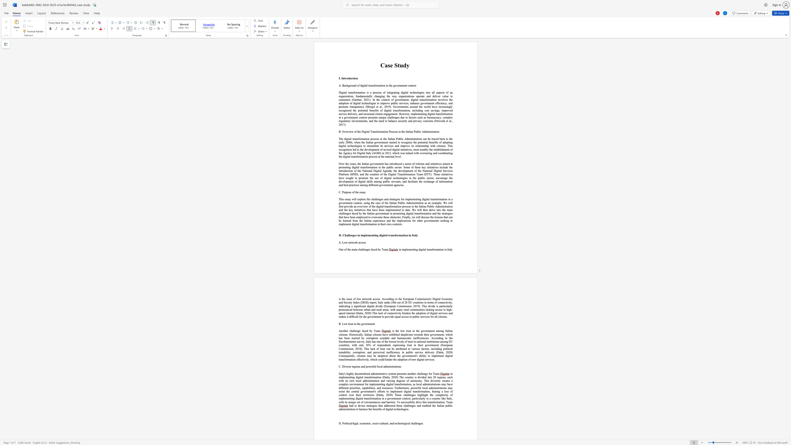 The height and width of the screenshot is (445, 791). What do you see at coordinates (392, 181) in the screenshot?
I see `the 1th character "s" in the text` at bounding box center [392, 181].